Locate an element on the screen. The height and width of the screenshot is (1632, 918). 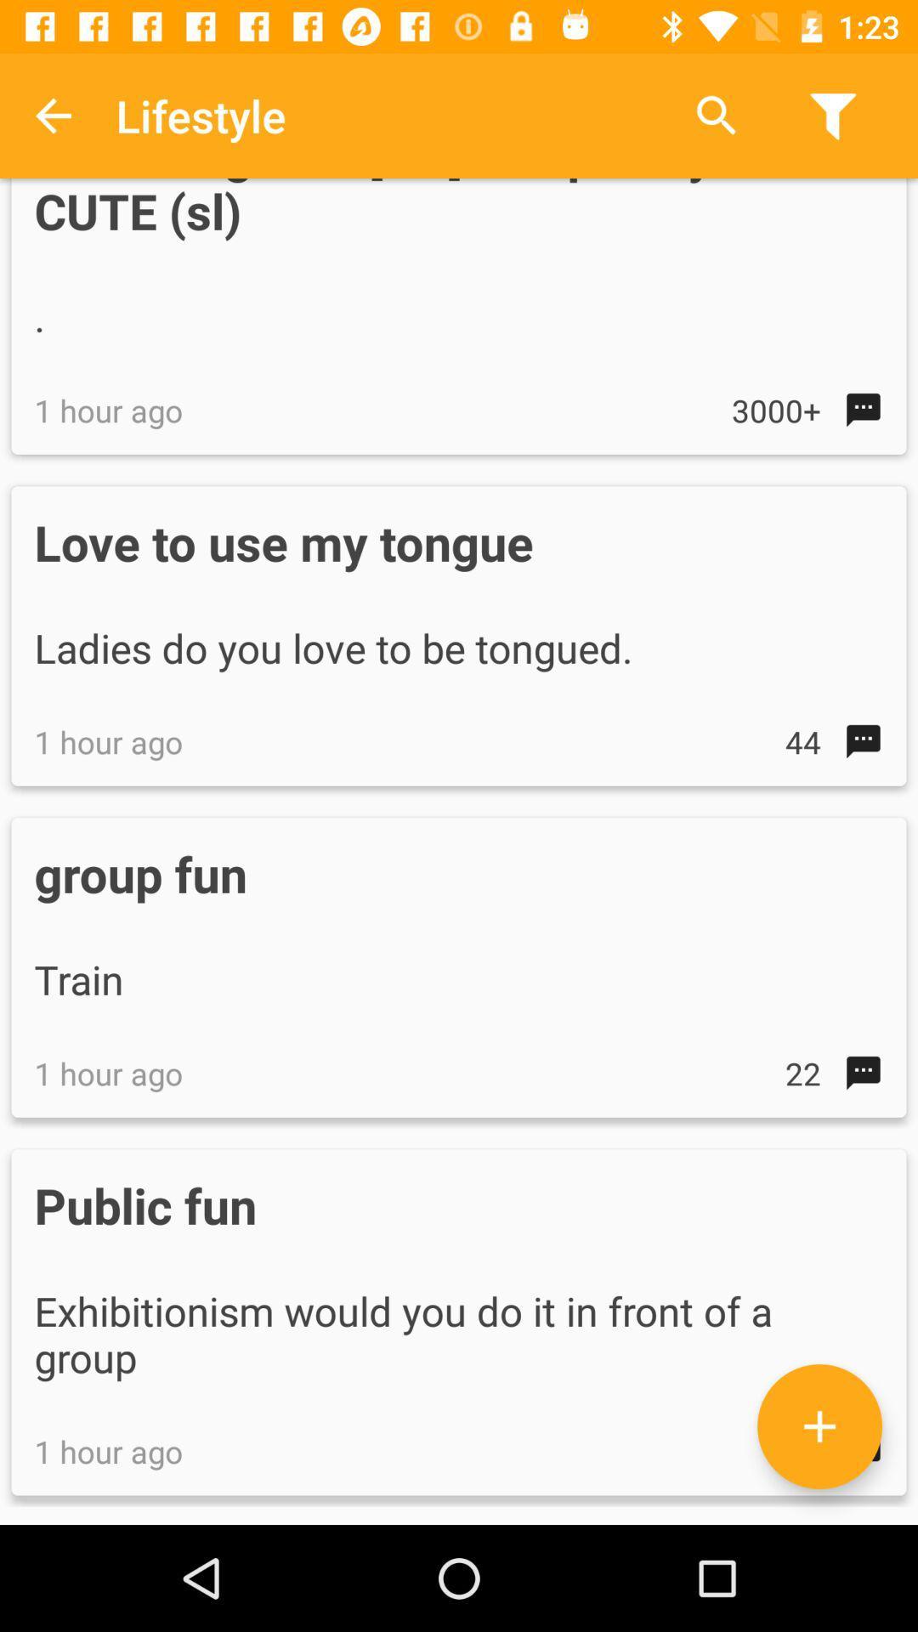
the icon to the left of lifestyle app is located at coordinates (52, 115).